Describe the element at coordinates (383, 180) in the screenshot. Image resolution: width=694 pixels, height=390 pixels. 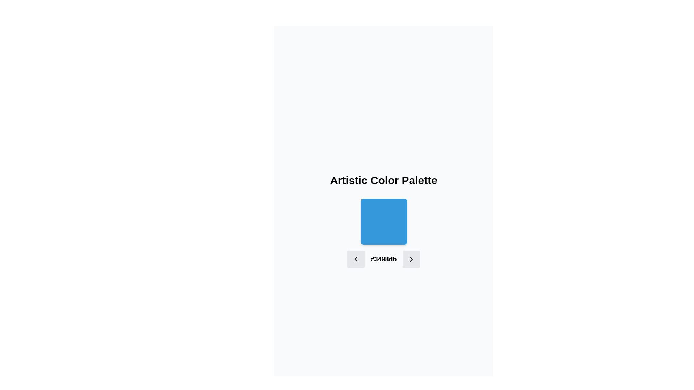
I see `the topmost heading text element that reads 'Artistic Color Palette', styled in bold and large font, located at the top of a vertically centered layout` at that location.